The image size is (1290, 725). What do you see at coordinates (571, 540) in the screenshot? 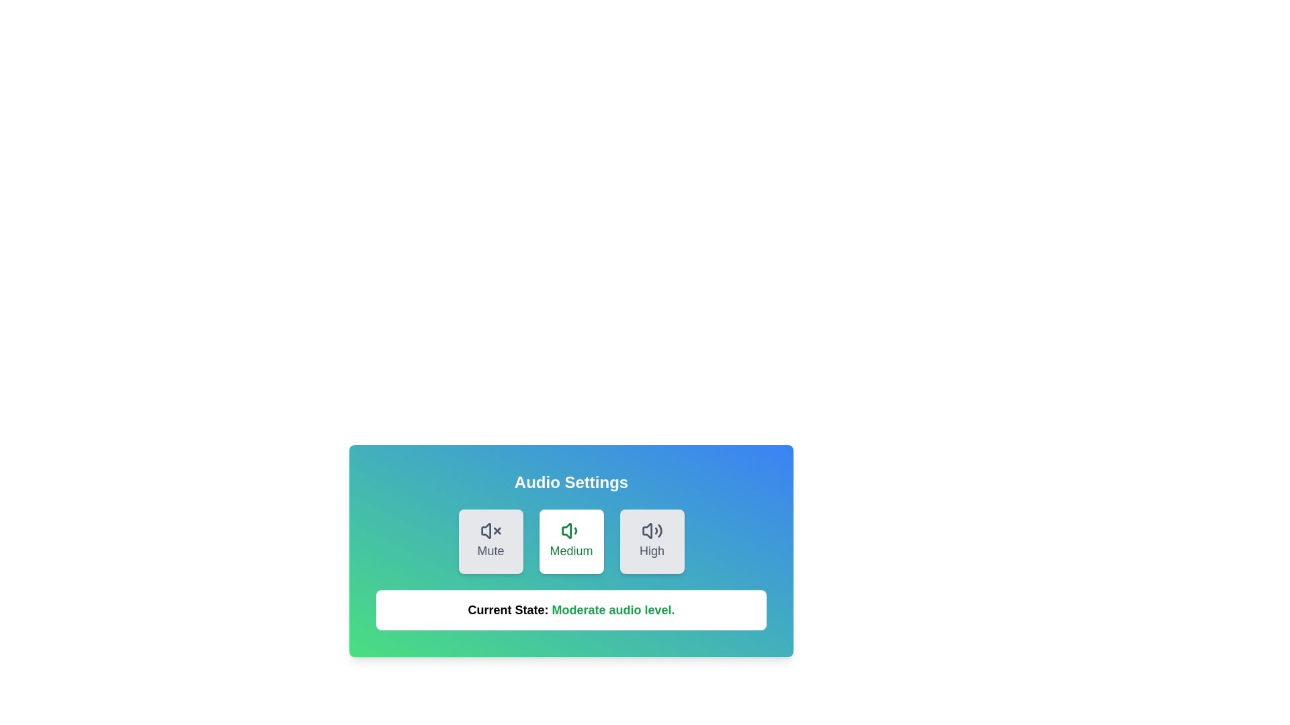
I see `the button corresponding to the desired volume level: Medium` at bounding box center [571, 540].